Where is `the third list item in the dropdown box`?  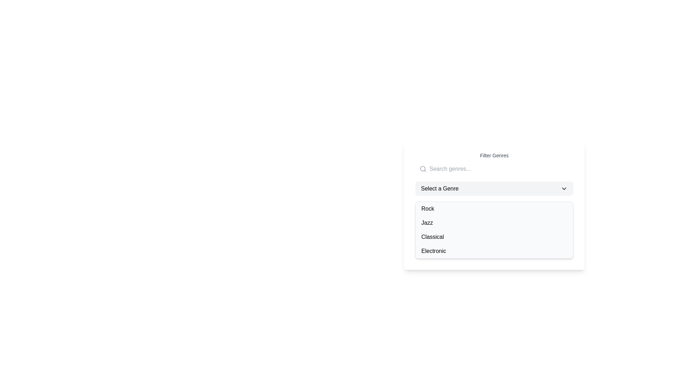
the third list item in the dropdown box is located at coordinates (494, 237).